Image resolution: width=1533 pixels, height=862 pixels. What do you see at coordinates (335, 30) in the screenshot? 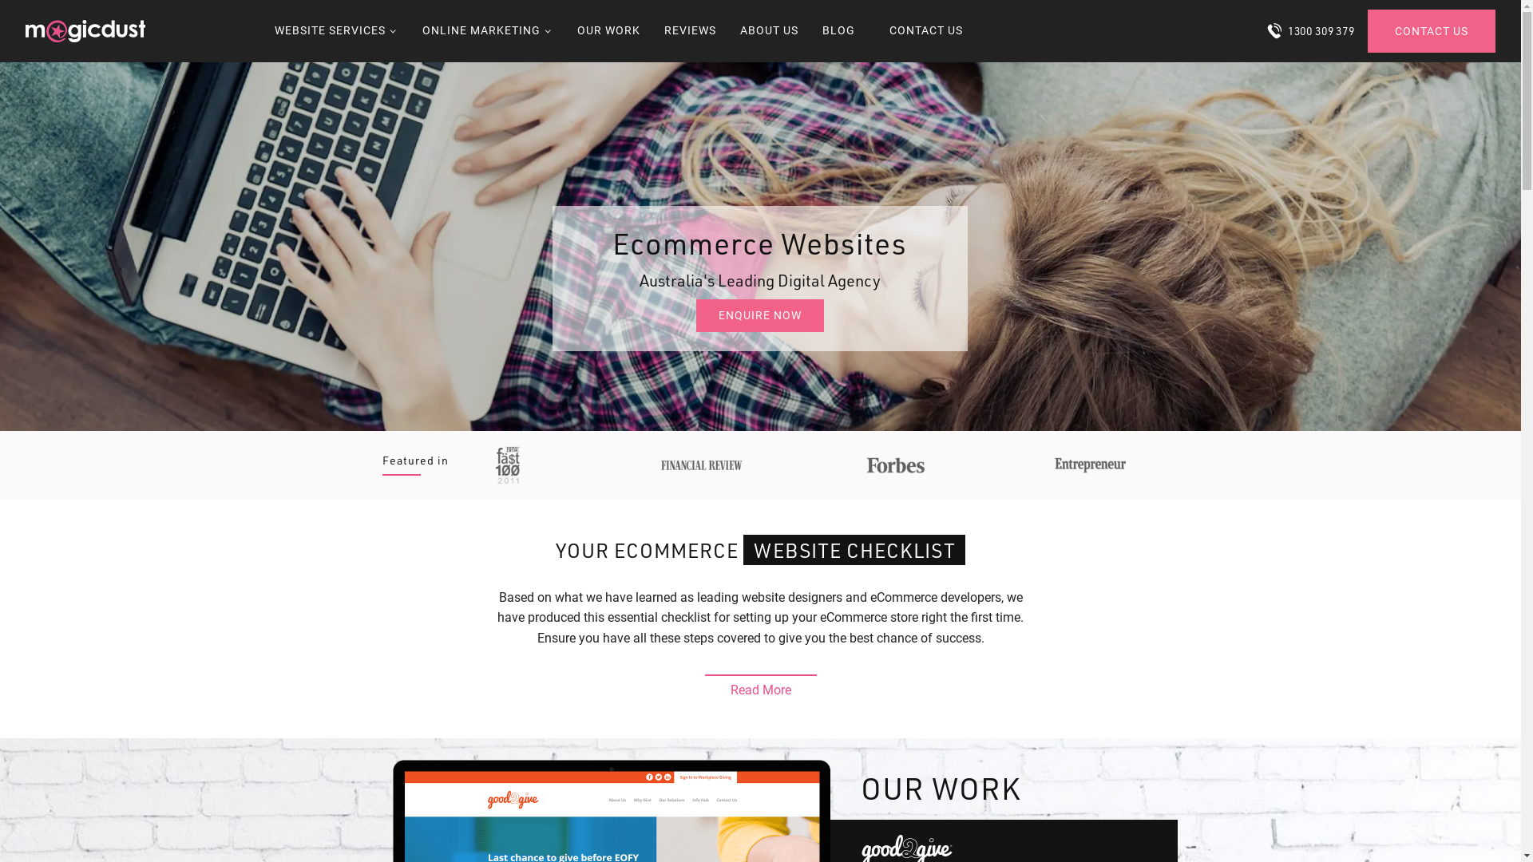
I see `'WEBSITE SERVICES'` at bounding box center [335, 30].